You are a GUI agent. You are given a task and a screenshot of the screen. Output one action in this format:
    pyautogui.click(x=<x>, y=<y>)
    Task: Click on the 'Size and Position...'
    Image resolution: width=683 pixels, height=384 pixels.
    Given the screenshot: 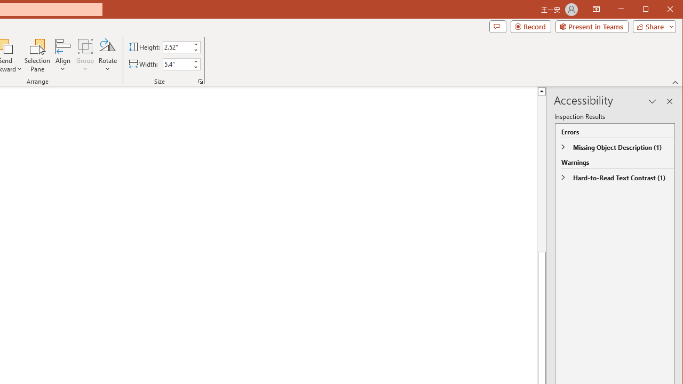 What is the action you would take?
    pyautogui.click(x=201, y=81)
    